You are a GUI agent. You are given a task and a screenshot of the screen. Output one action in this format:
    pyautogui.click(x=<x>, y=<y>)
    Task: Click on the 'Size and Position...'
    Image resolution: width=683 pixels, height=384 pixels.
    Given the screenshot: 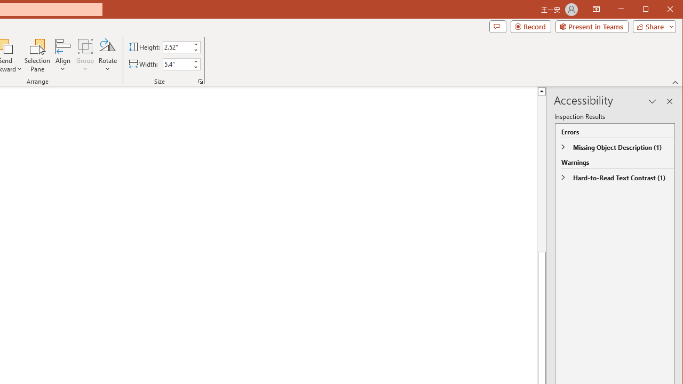 What is the action you would take?
    pyautogui.click(x=201, y=81)
    